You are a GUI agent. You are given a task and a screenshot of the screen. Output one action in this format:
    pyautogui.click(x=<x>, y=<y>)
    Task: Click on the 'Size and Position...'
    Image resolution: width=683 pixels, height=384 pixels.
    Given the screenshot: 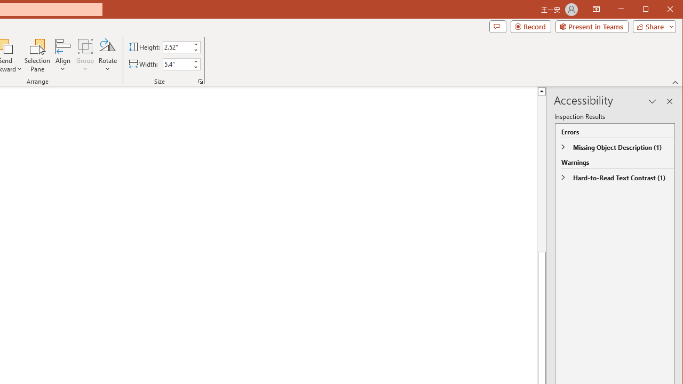 What is the action you would take?
    pyautogui.click(x=201, y=81)
    